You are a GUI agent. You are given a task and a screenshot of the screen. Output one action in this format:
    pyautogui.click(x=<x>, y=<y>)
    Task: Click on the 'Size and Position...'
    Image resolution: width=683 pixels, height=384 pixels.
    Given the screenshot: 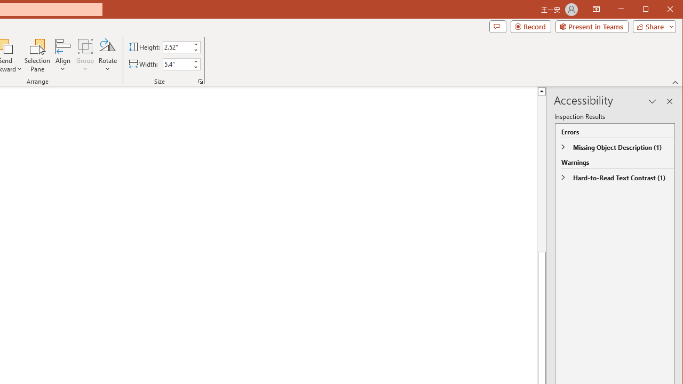 What is the action you would take?
    pyautogui.click(x=201, y=81)
    